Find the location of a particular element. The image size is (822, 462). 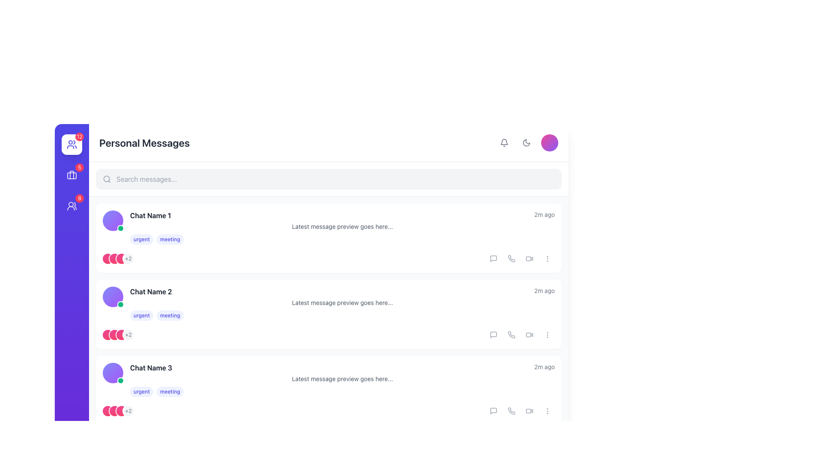

the rounded purple button displaying '5' with a briefcase icon is located at coordinates (72, 175).